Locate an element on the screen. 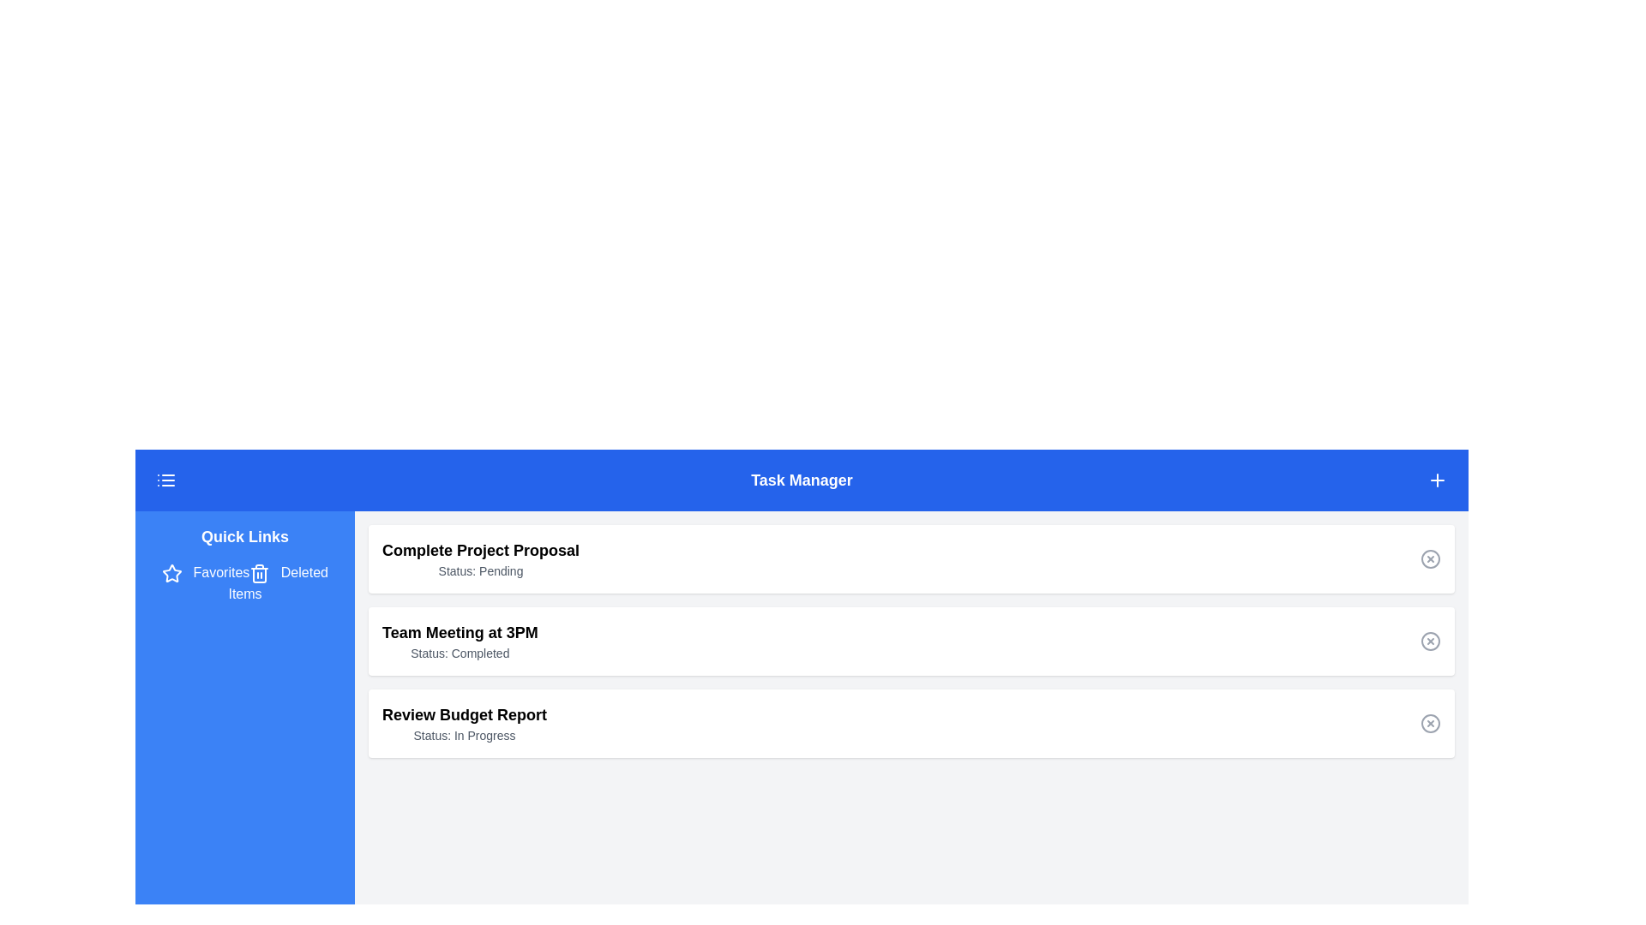 Image resolution: width=1646 pixels, height=925 pixels. the 'Review Budget Report' text label is located at coordinates (465, 714).